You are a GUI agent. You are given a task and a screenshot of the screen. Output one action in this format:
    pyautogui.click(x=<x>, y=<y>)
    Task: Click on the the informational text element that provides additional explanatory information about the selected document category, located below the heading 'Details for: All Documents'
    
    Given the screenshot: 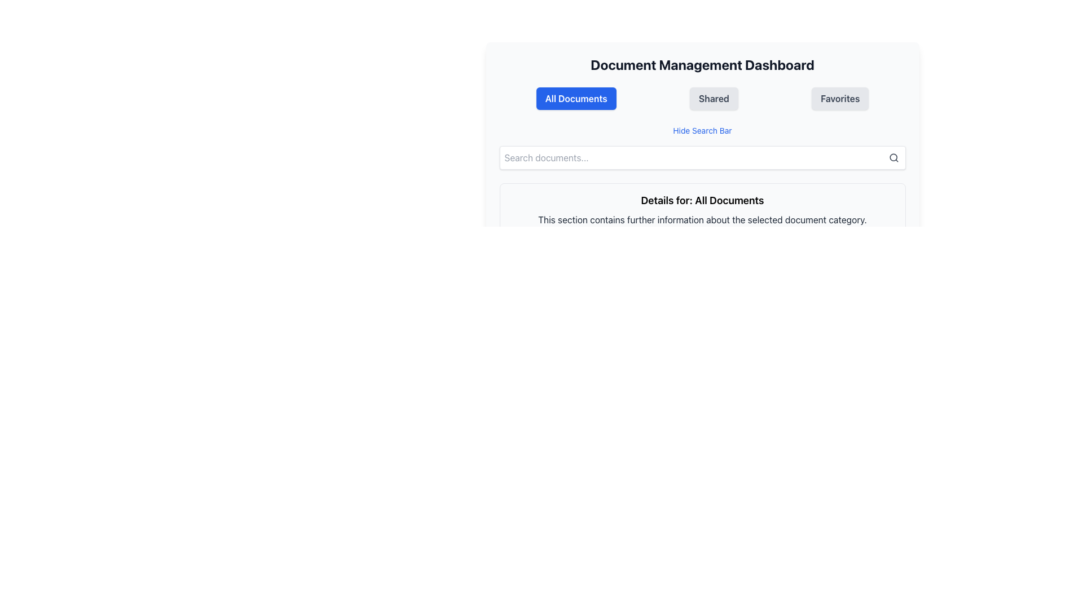 What is the action you would take?
    pyautogui.click(x=702, y=219)
    